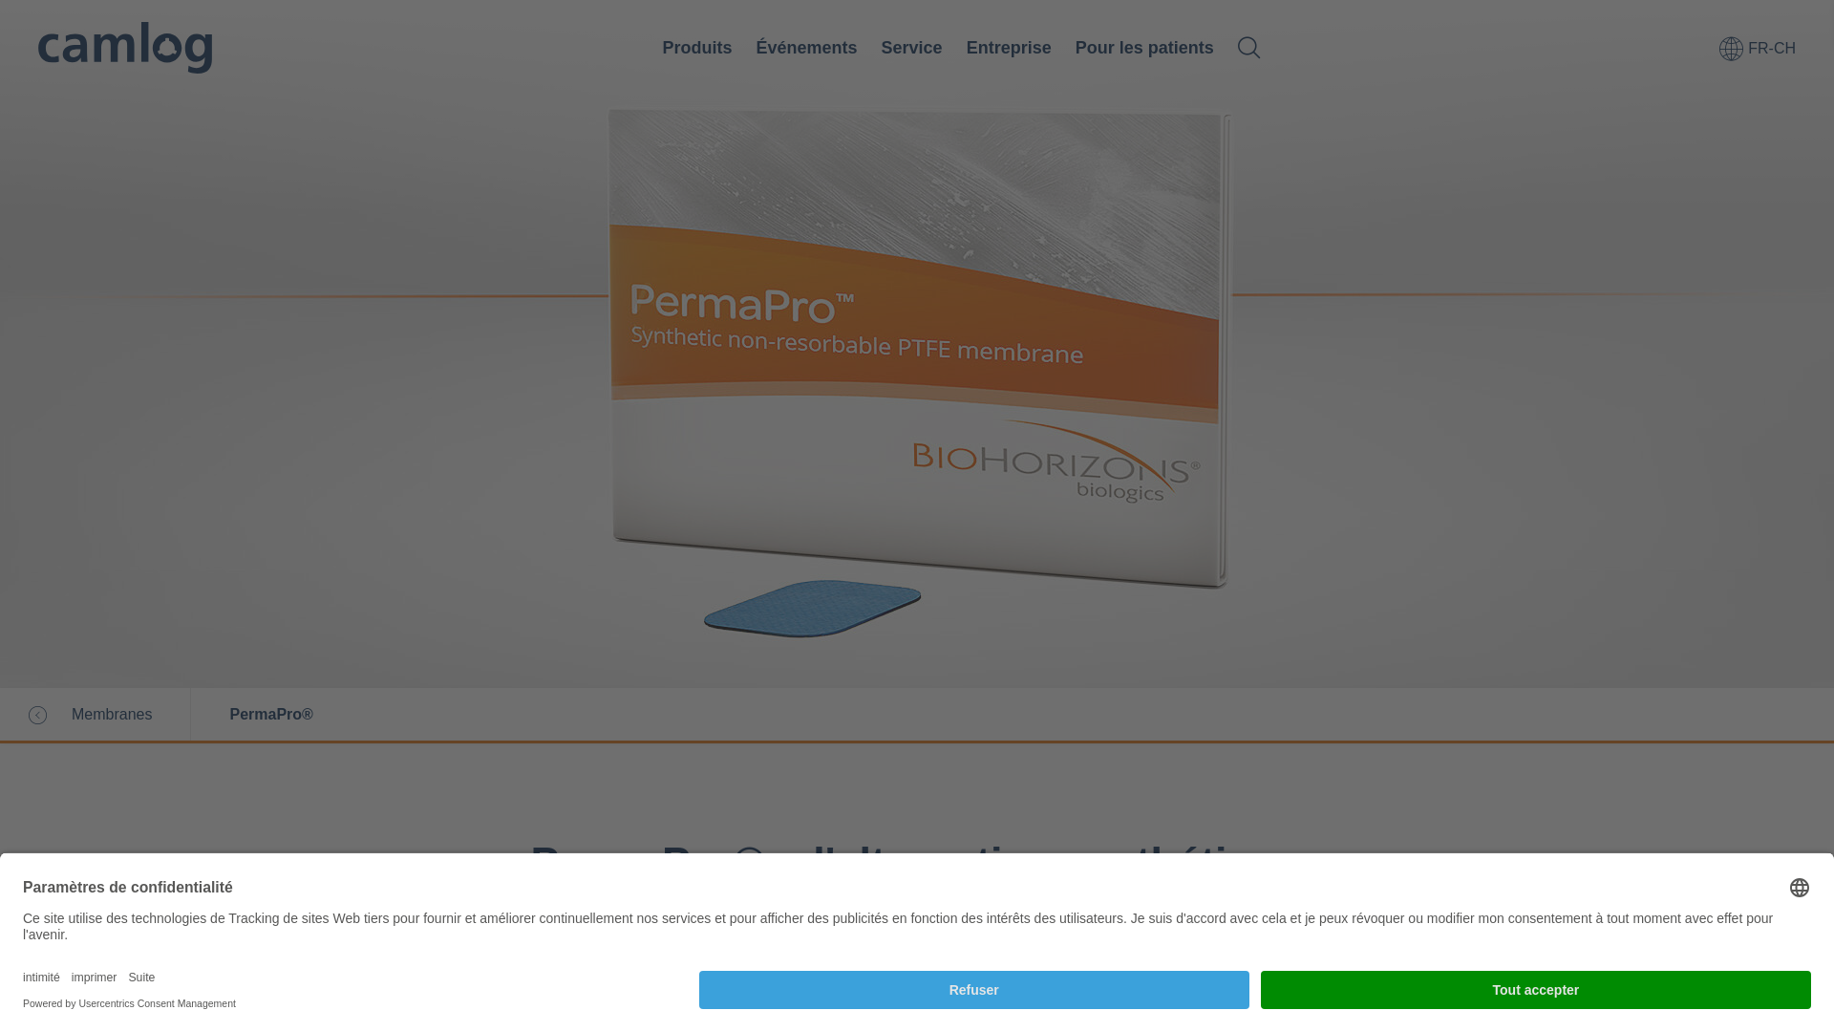 The width and height of the screenshot is (1834, 1032). Describe the element at coordinates (696, 47) in the screenshot. I see `'Produits'` at that location.